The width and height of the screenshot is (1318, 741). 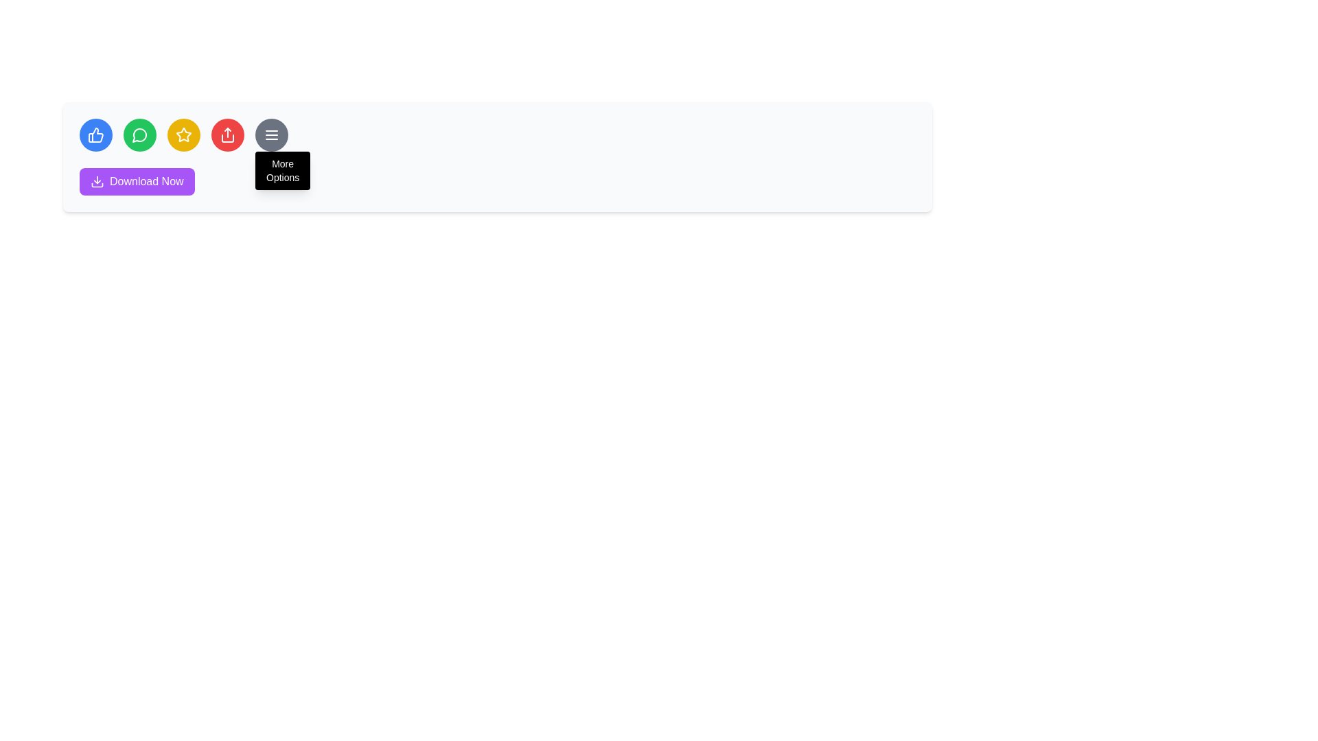 What do you see at coordinates (271, 134) in the screenshot?
I see `the gray circular IconButton located at the rightmost side of the horizontal action bar` at bounding box center [271, 134].